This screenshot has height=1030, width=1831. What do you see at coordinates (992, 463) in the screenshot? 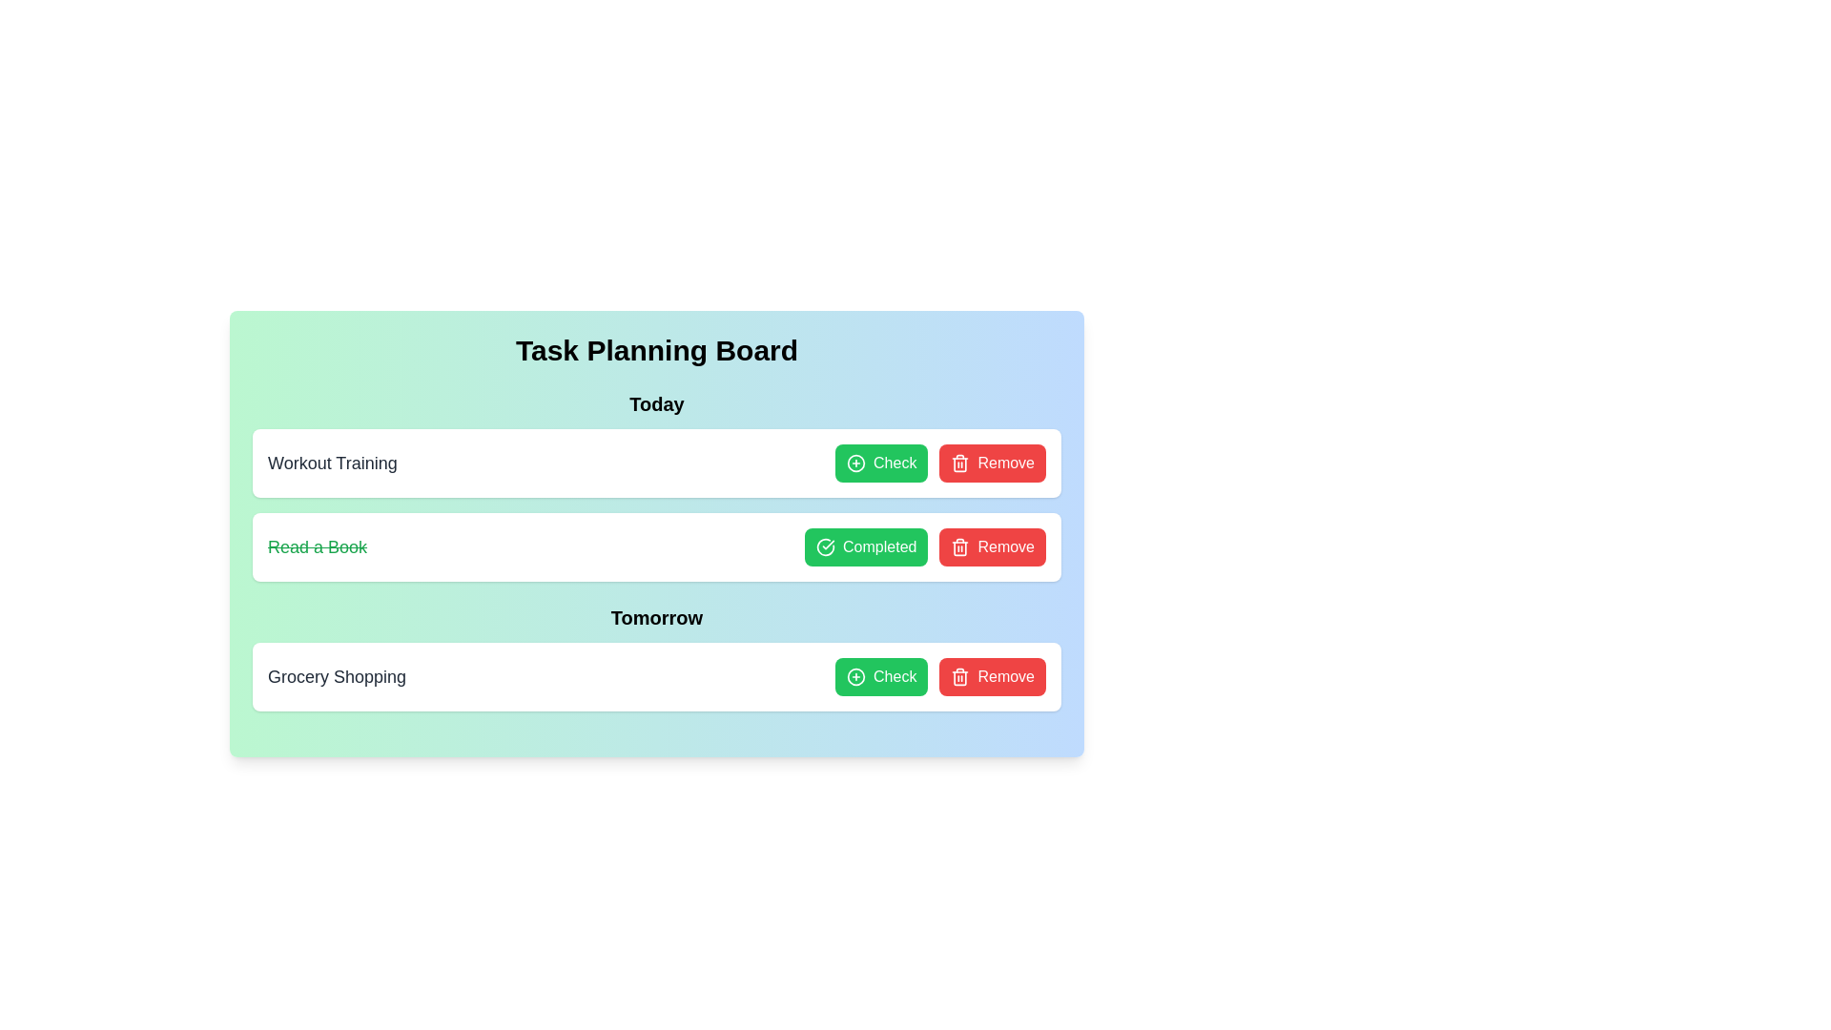
I see `the 'Remove' button for the task titled 'Workout Training'` at bounding box center [992, 463].